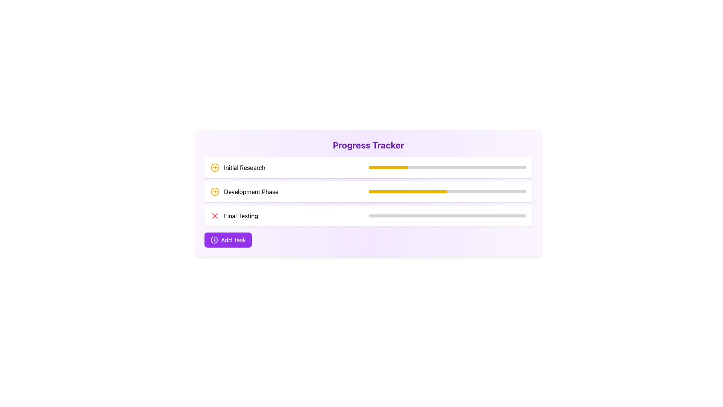  Describe the element at coordinates (241, 216) in the screenshot. I see `the text label displaying 'Final Testing', which is the third task label in the list of tasks` at that location.